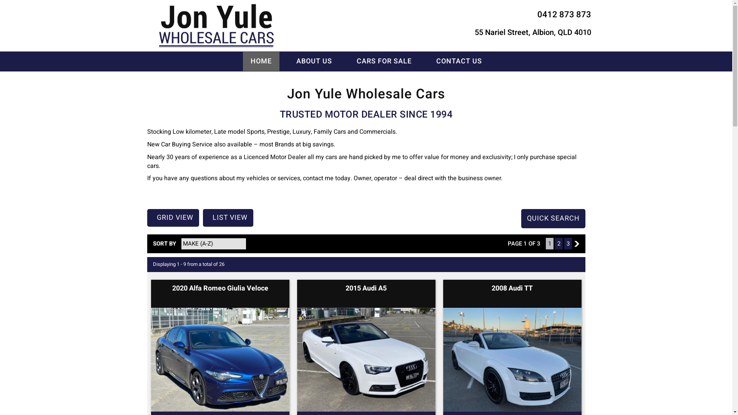  Describe the element at coordinates (384, 61) in the screenshot. I see `'CARS FOR SALE'` at that location.